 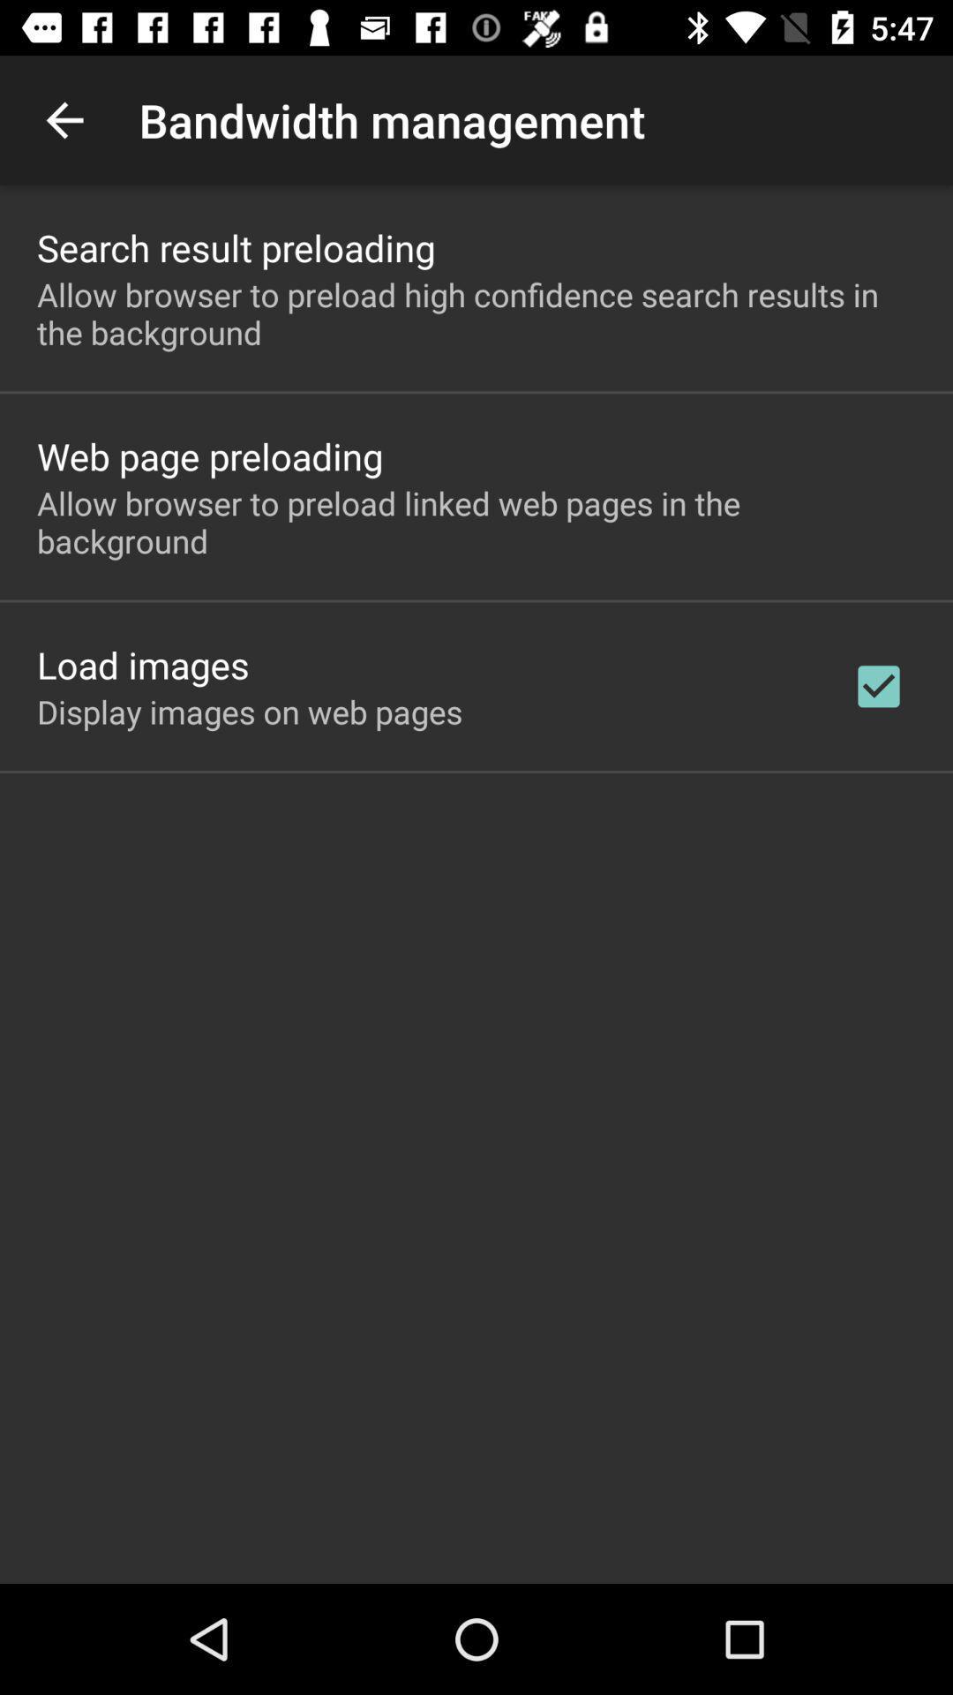 What do you see at coordinates (64, 119) in the screenshot?
I see `item next to bandwidth management` at bounding box center [64, 119].